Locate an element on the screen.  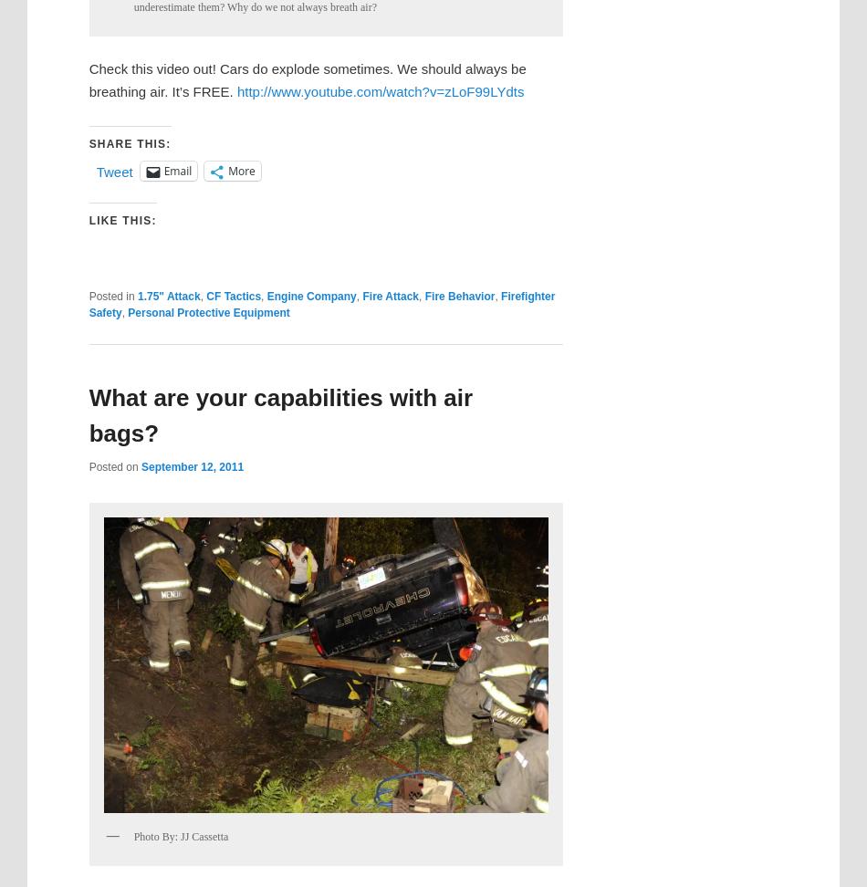
'Posted in' is located at coordinates (110, 296).